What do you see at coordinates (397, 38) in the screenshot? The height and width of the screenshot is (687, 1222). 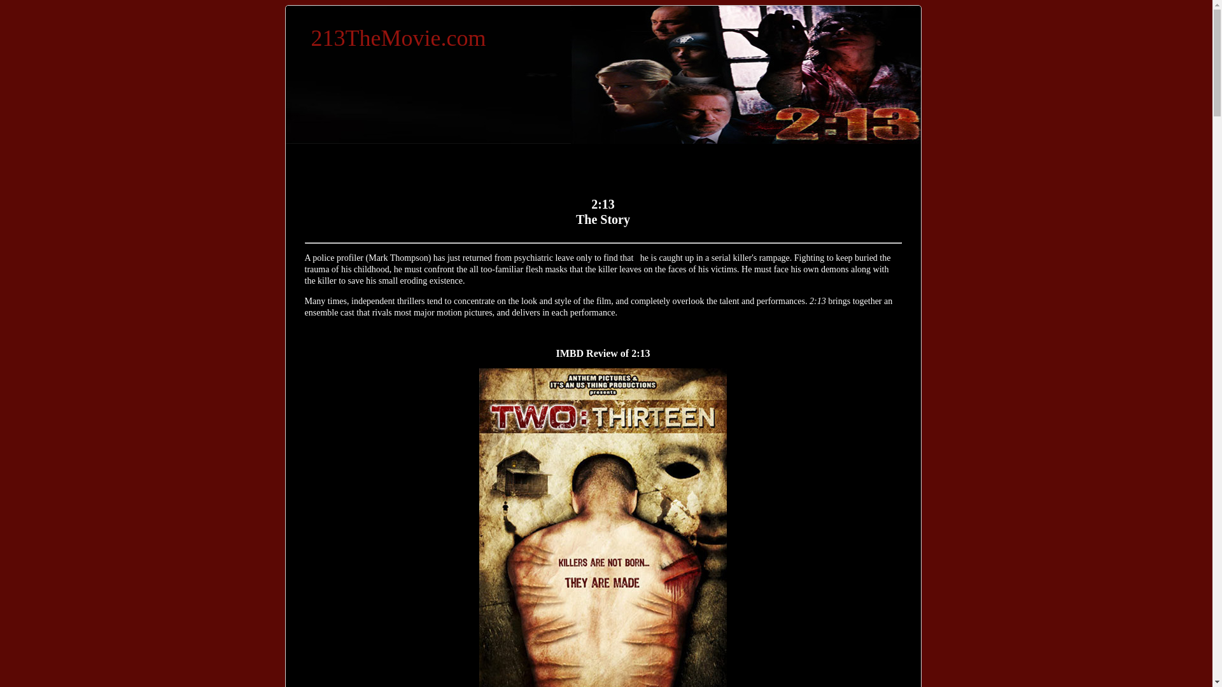 I see `'213TheMovie.com'` at bounding box center [397, 38].